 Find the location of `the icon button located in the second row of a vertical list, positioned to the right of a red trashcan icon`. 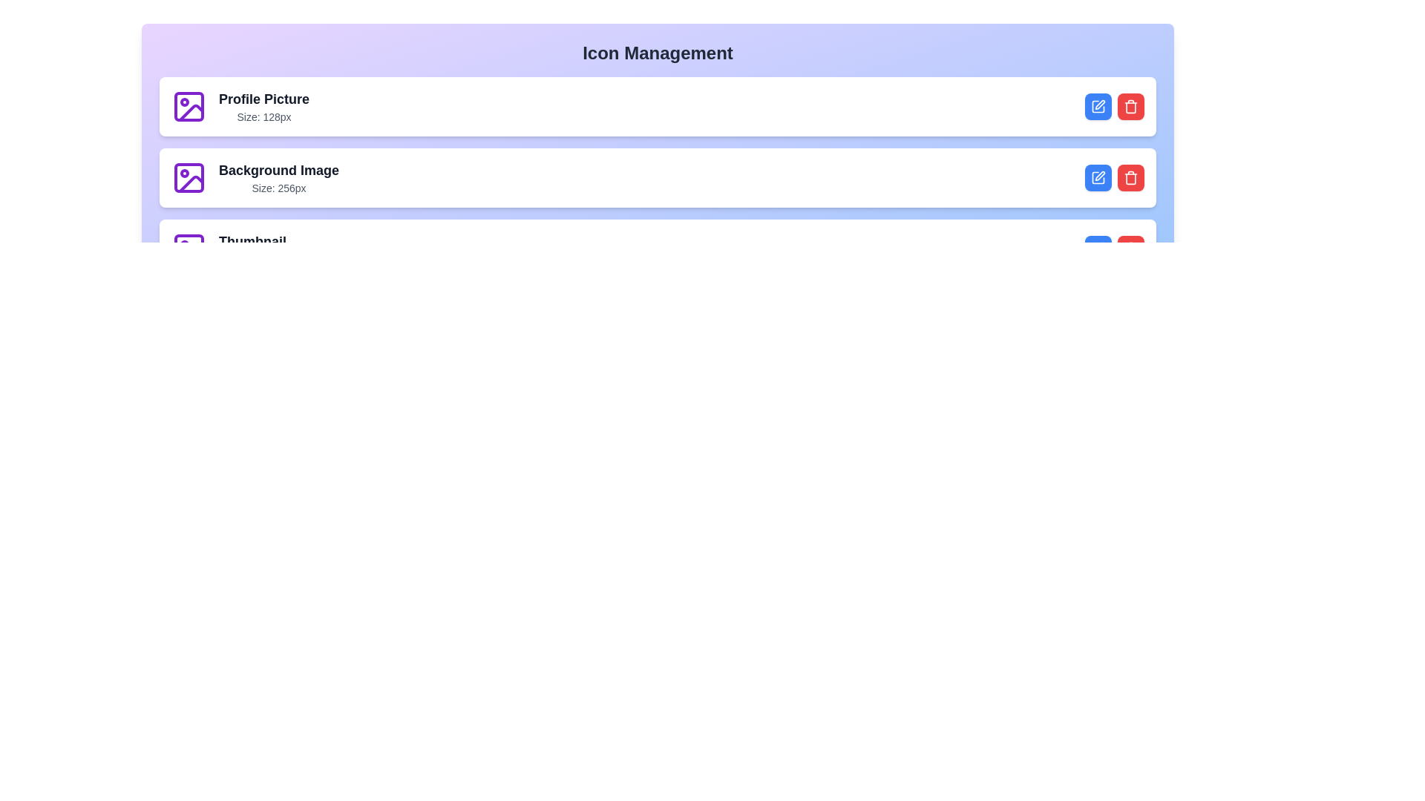

the icon button located in the second row of a vertical list, positioned to the right of a red trashcan icon is located at coordinates (1098, 177).